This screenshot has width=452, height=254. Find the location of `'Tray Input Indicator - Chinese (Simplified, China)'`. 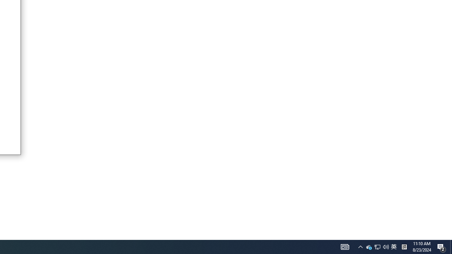

'Tray Input Indicator - Chinese (Simplified, China)' is located at coordinates (393, 246).